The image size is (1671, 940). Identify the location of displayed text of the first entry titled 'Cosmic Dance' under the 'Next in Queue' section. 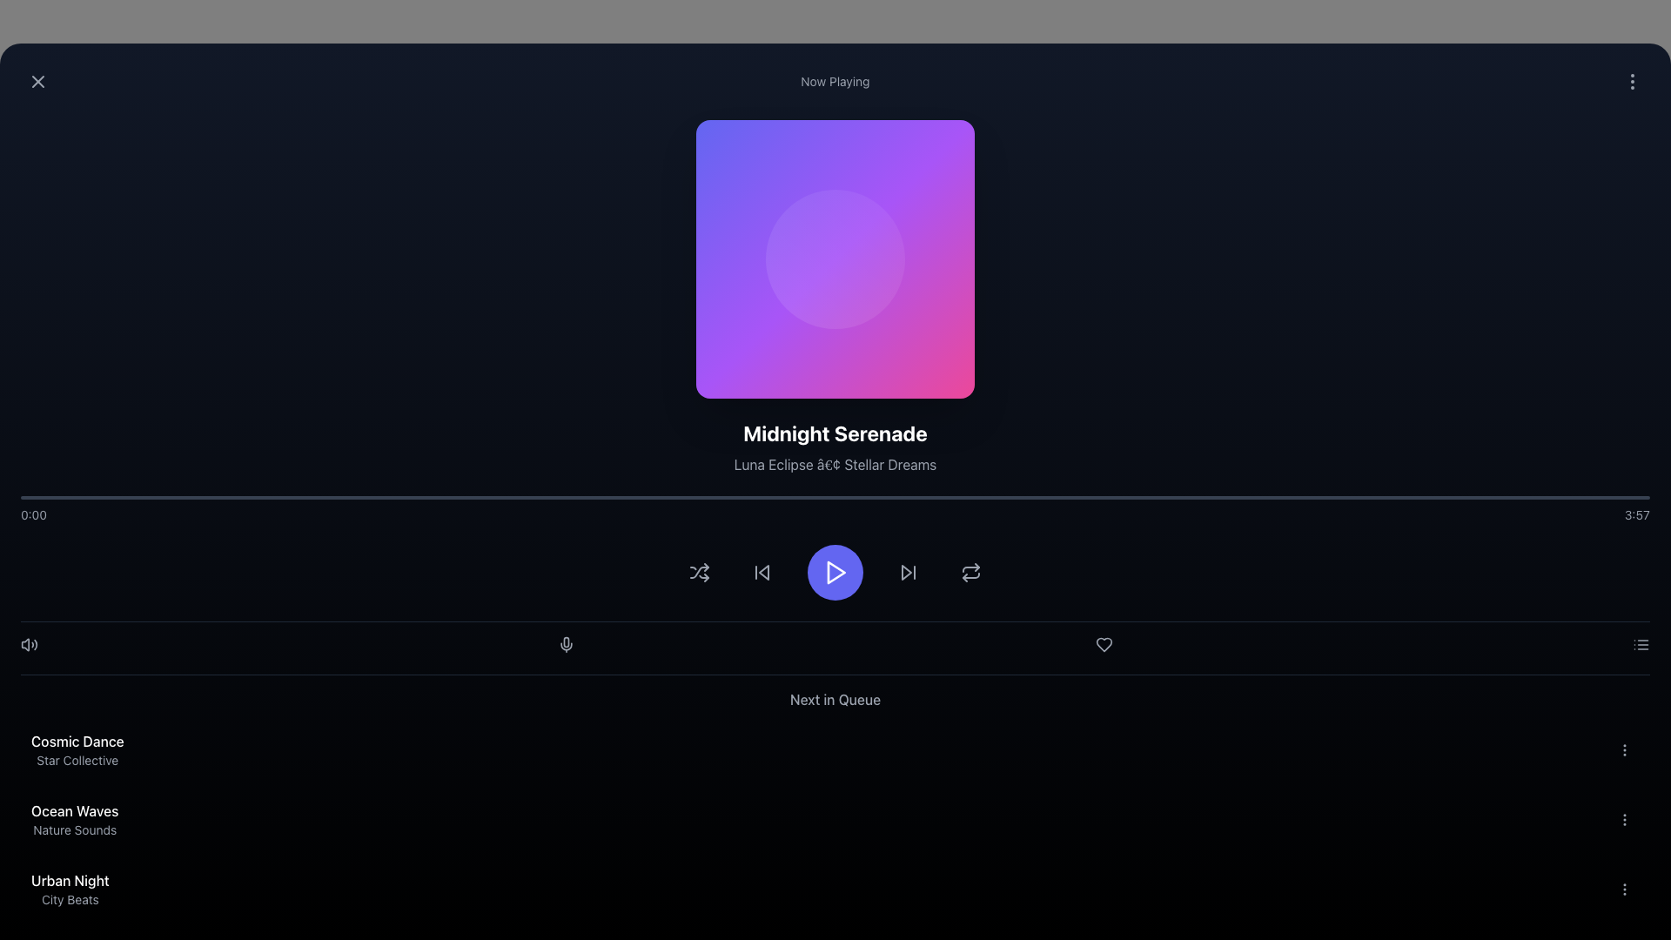
(77, 749).